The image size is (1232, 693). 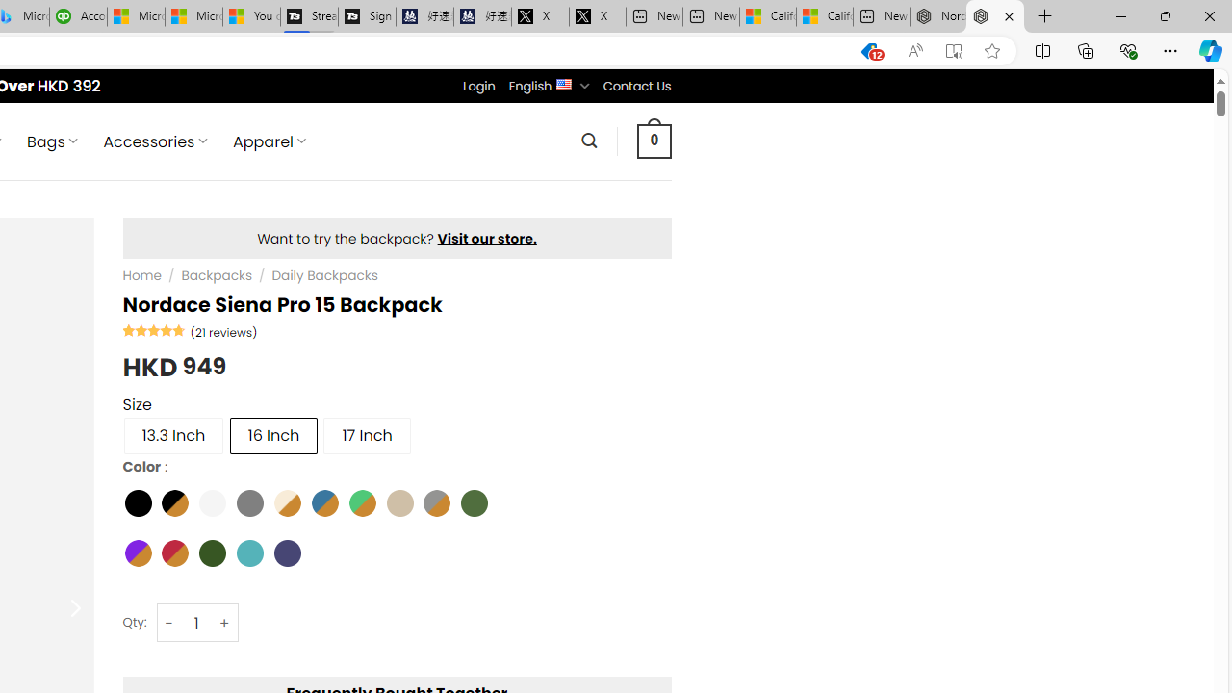 I want to click on 'Home', so click(x=141, y=275).